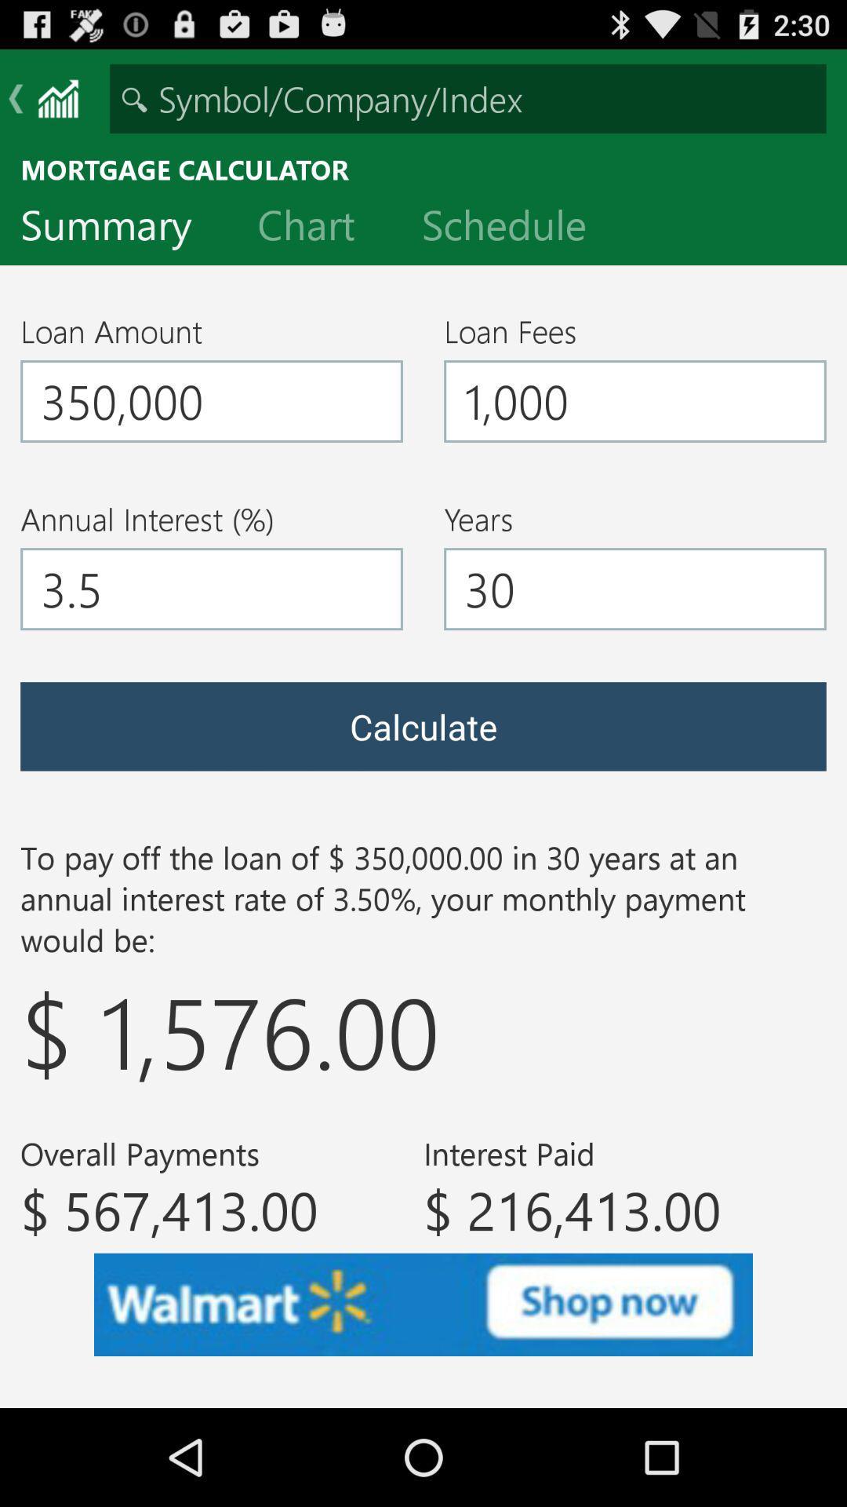  Describe the element at coordinates (318, 228) in the screenshot. I see `the icon next to summary item` at that location.